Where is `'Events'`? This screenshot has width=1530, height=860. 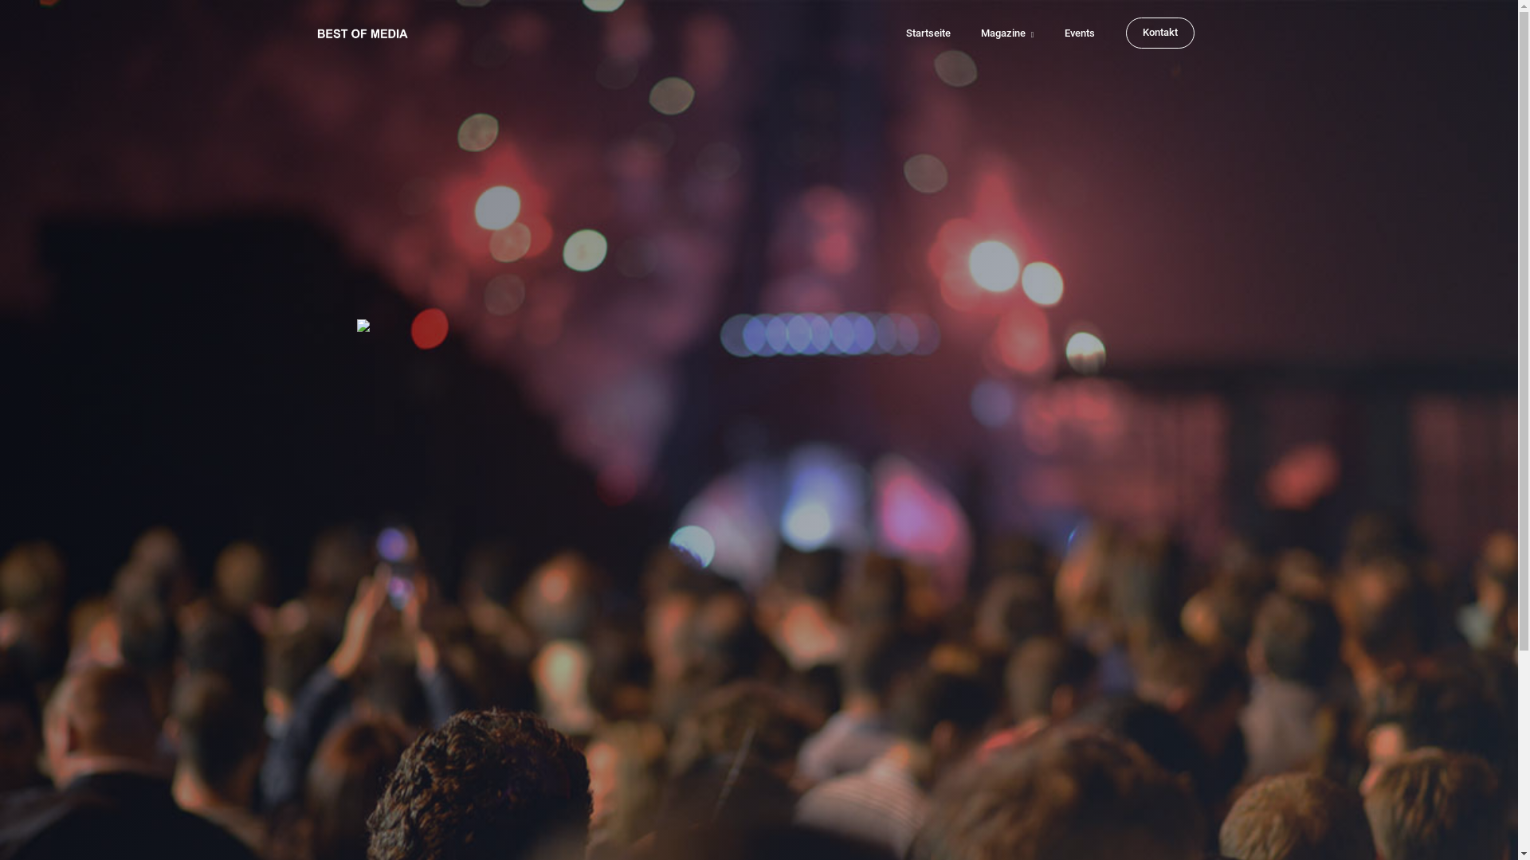 'Events' is located at coordinates (1079, 33).